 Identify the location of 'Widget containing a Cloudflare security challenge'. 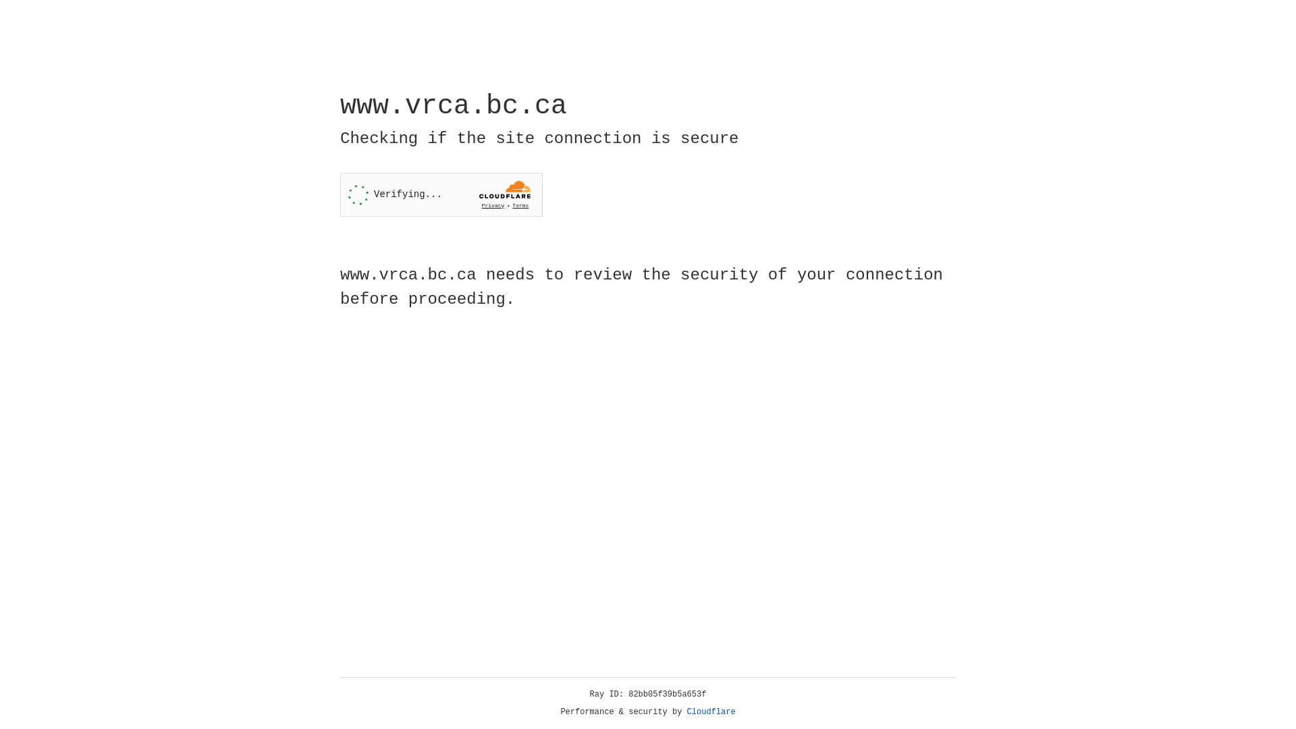
(441, 194).